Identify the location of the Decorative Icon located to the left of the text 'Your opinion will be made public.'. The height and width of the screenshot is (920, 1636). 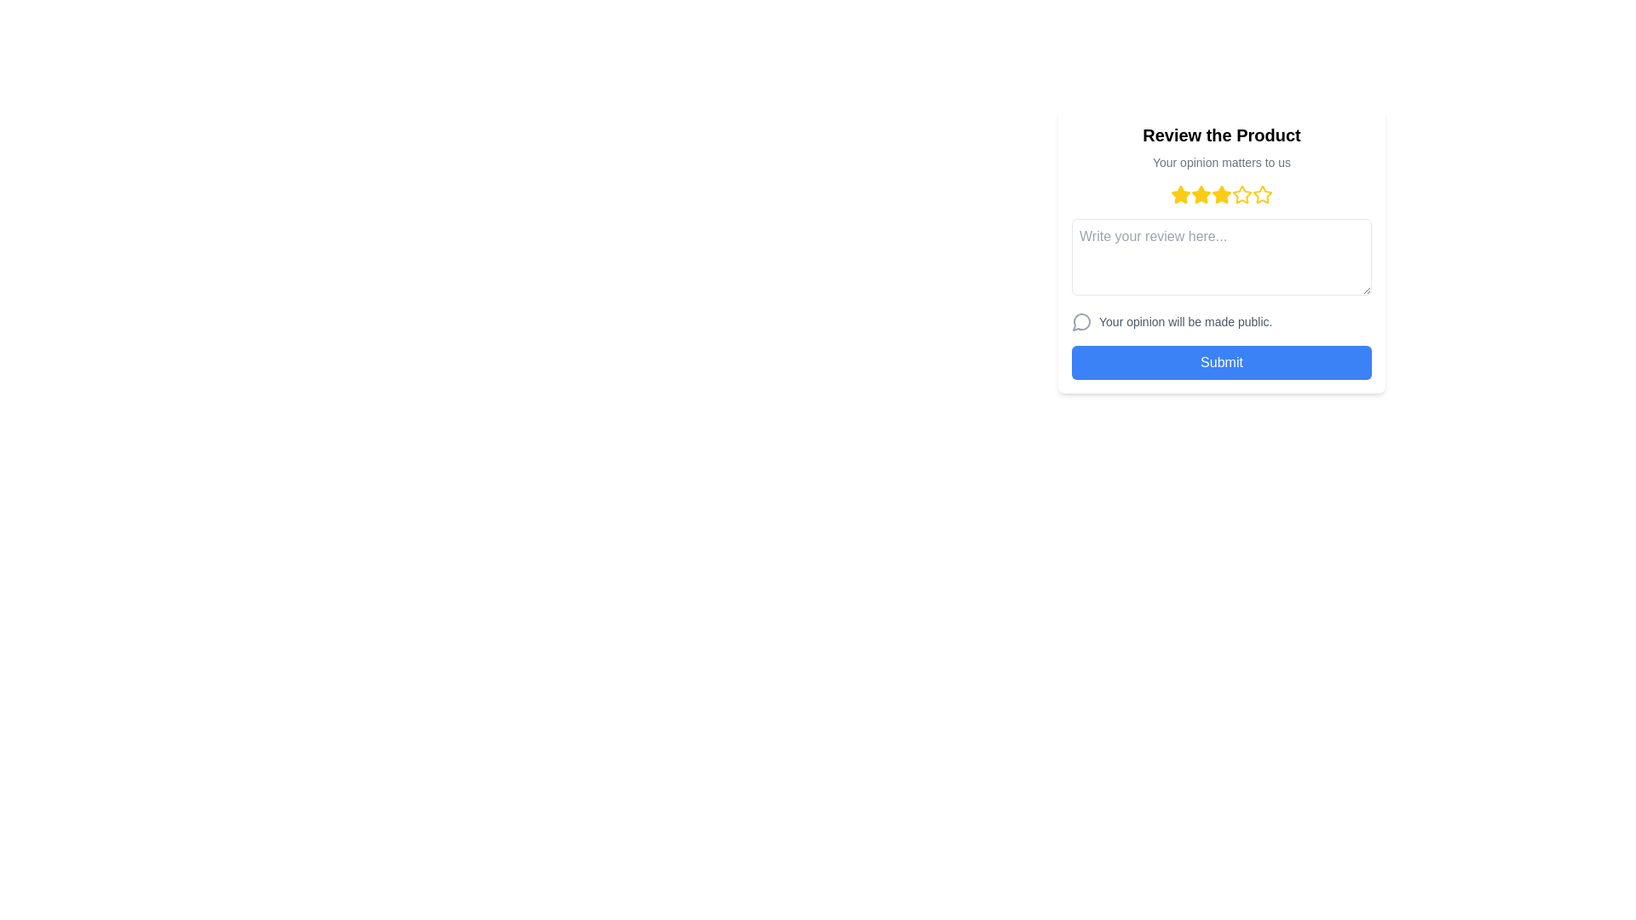
(1081, 322).